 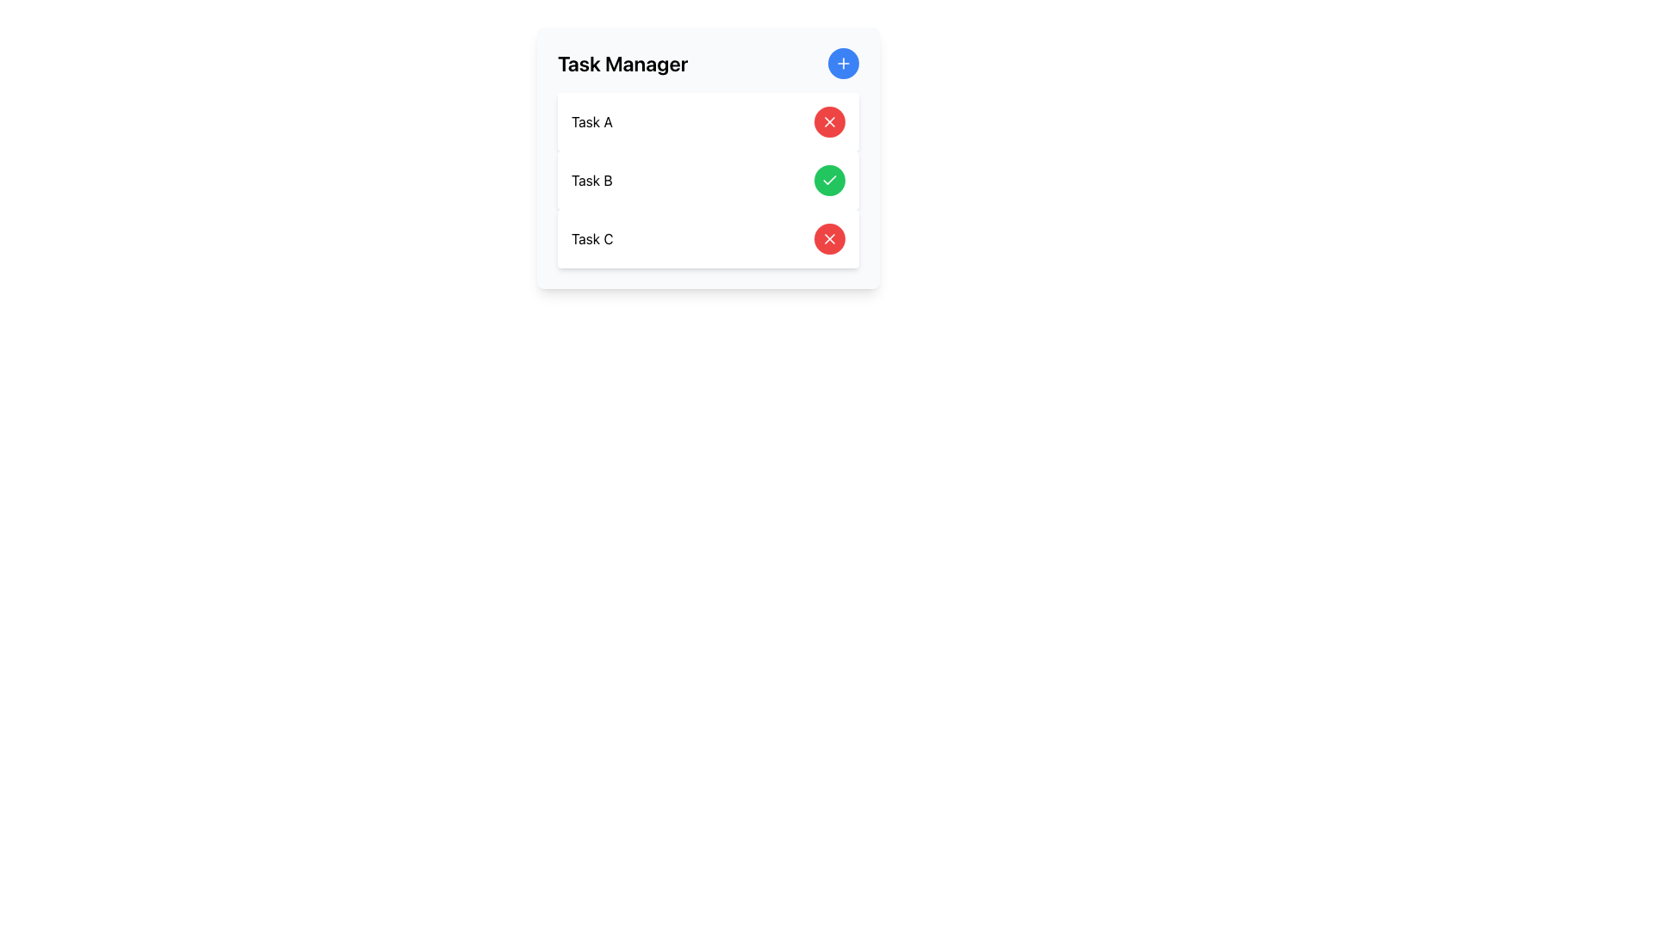 What do you see at coordinates (830, 121) in the screenshot?
I see `the small 'X' button icon with a circular red background associated with 'Task A' in the 'Task Manager' card to potentially see a tooltip or visual effect` at bounding box center [830, 121].